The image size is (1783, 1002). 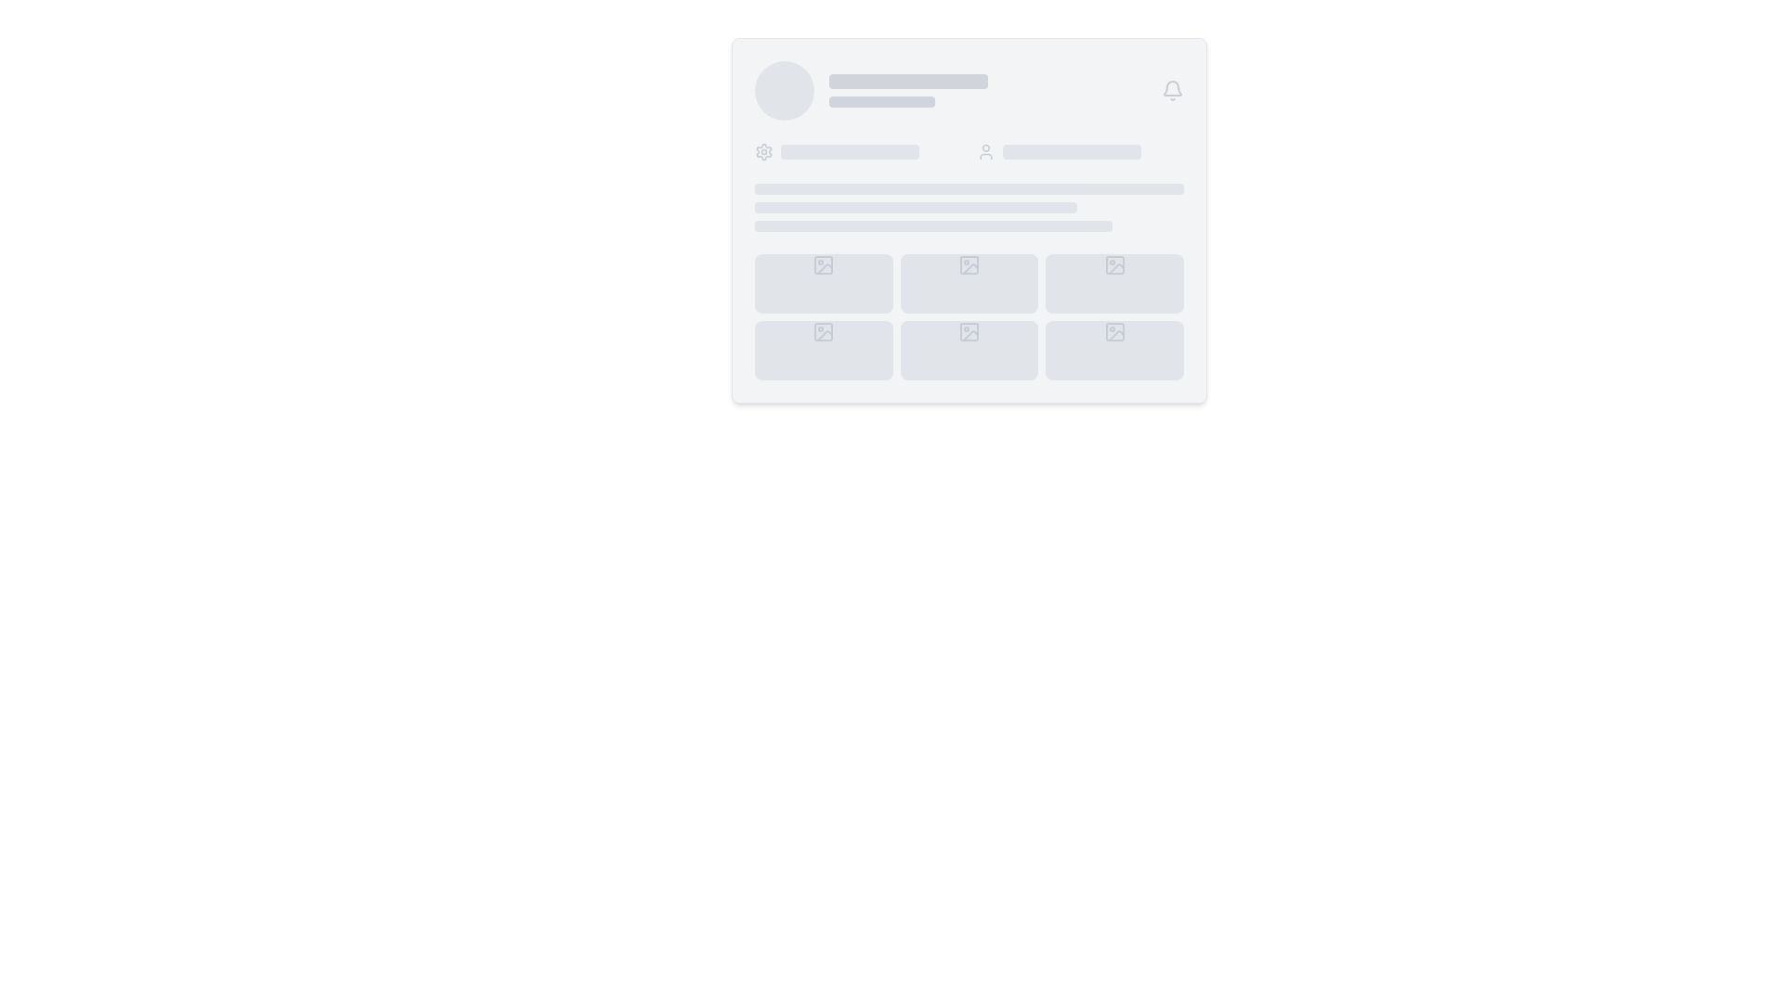 What do you see at coordinates (763, 151) in the screenshot?
I see `the gear/settings icon located in the upper central area of the interface, adjacent to an input or text display field` at bounding box center [763, 151].